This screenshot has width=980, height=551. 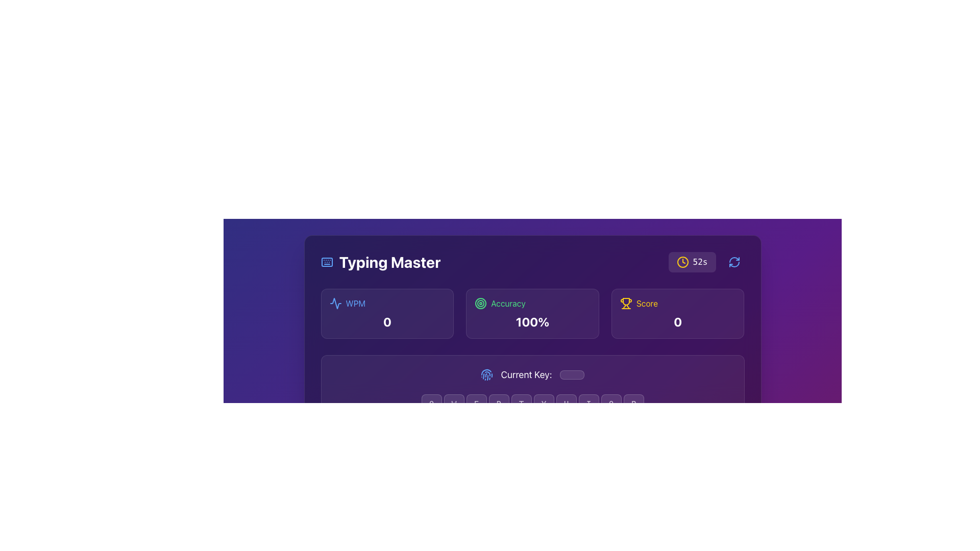 What do you see at coordinates (646, 303) in the screenshot?
I see `the 'Score' text label, which is displayed in yellow font on a dark purple background, located in the top-right corner of a dashboard section` at bounding box center [646, 303].